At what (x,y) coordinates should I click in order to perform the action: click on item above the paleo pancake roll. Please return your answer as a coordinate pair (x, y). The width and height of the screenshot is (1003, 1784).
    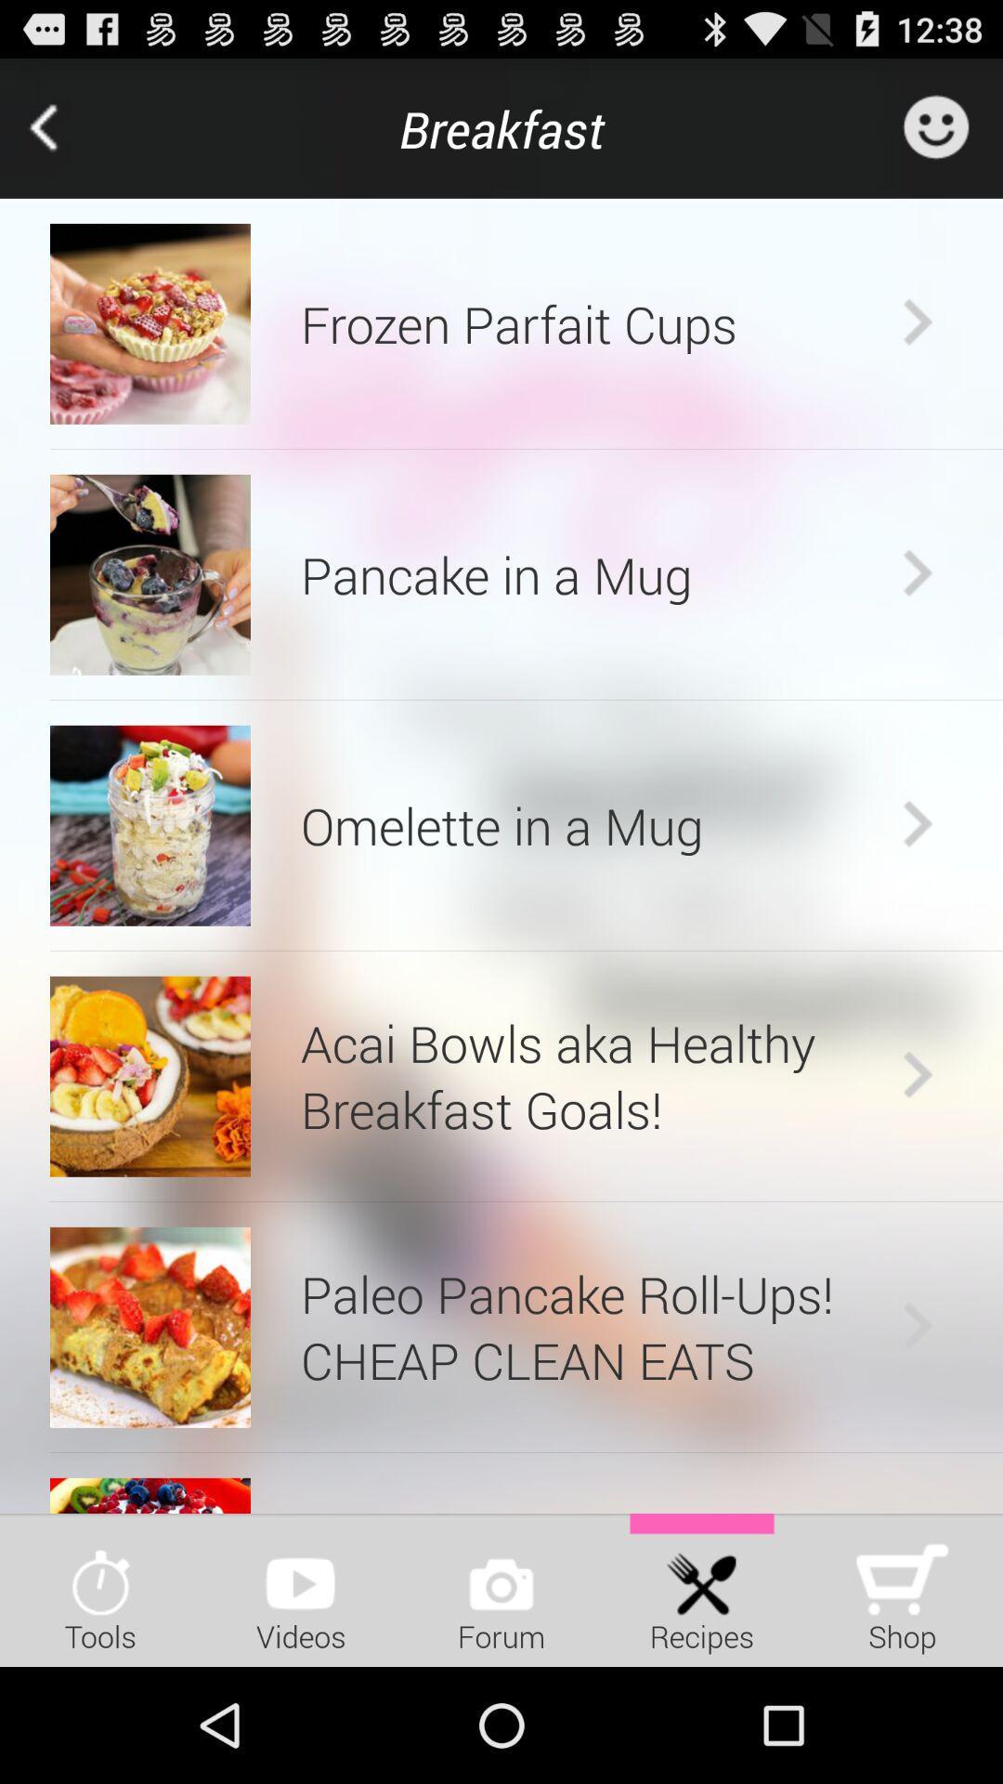
    Looking at the image, I should click on (527, 1201).